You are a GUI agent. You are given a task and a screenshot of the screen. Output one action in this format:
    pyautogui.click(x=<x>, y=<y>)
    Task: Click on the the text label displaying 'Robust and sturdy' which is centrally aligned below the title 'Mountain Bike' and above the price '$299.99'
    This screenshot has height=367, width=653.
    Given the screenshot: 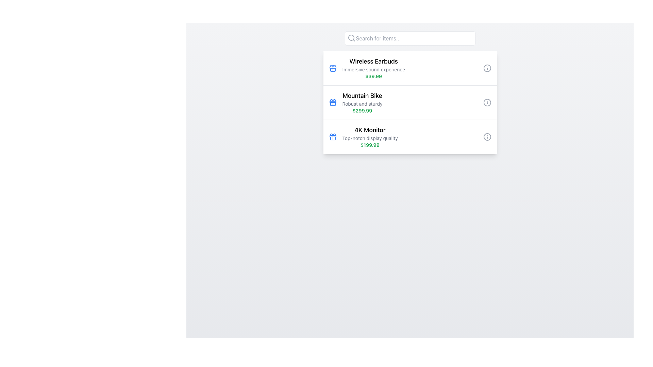 What is the action you would take?
    pyautogui.click(x=362, y=104)
    